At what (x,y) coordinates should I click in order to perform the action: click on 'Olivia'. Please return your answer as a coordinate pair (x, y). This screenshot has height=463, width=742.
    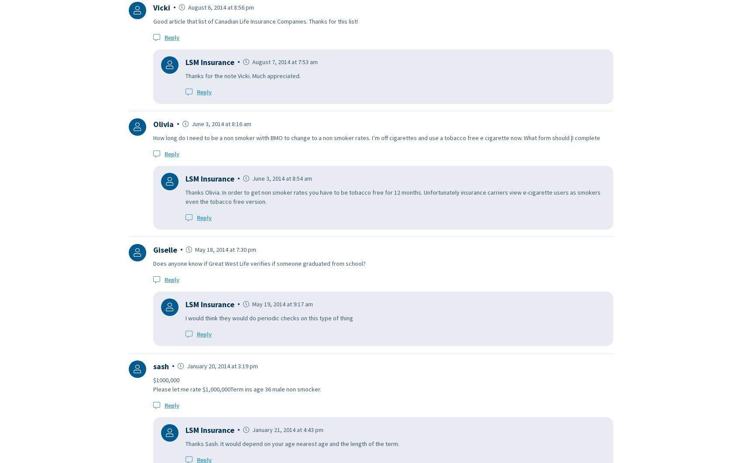
    Looking at the image, I should click on (163, 123).